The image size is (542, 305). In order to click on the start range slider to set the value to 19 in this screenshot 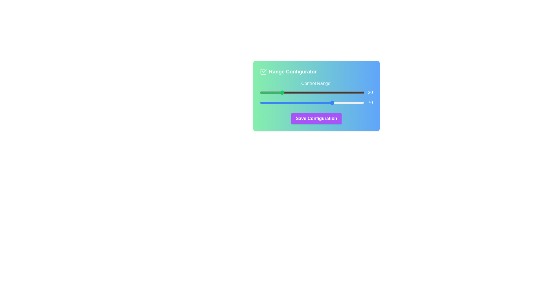, I will do `click(280, 92)`.